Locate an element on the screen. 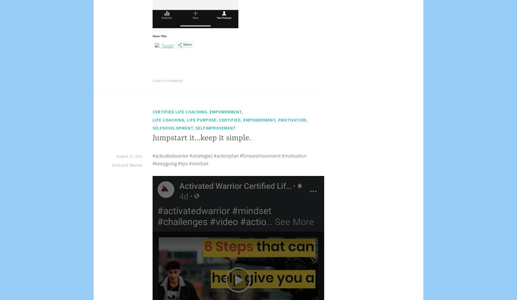 The image size is (517, 300). 'Jumpstart it…keep it simple.' is located at coordinates (202, 138).